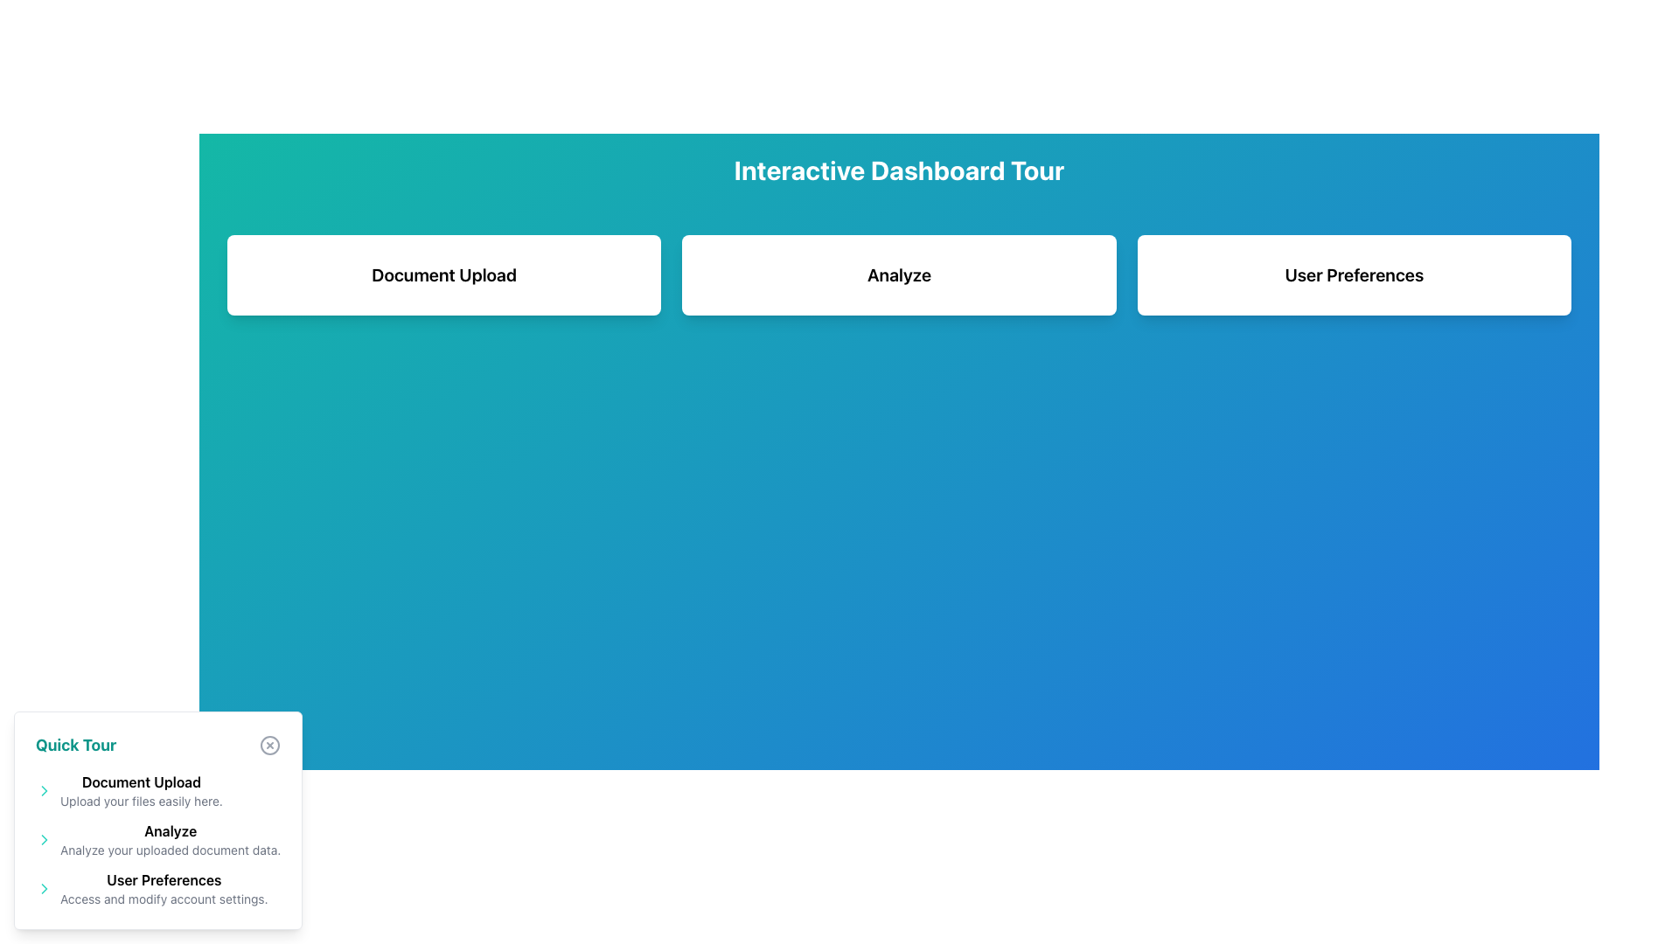  I want to click on the 'Document Upload' text label, which is styled in bold font and located at the top center of the first white card with rounded edges, so click(444, 275).